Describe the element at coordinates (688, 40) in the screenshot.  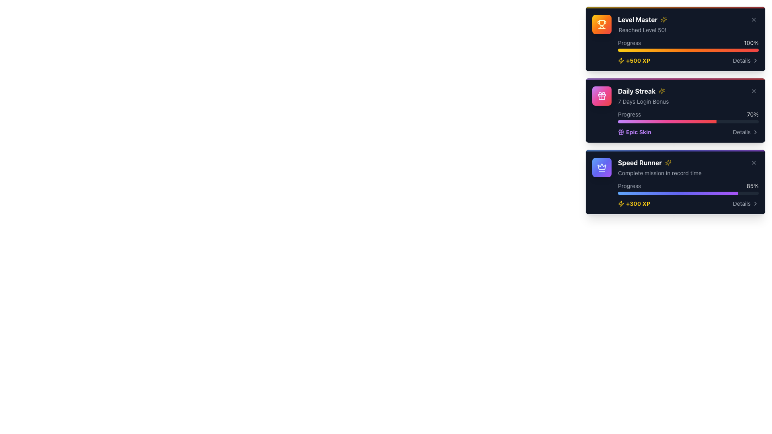
I see `progress bar of the 'Level Master' achievement card, which is located at the top of the right sidebar and displays 'Progress 100%'` at that location.